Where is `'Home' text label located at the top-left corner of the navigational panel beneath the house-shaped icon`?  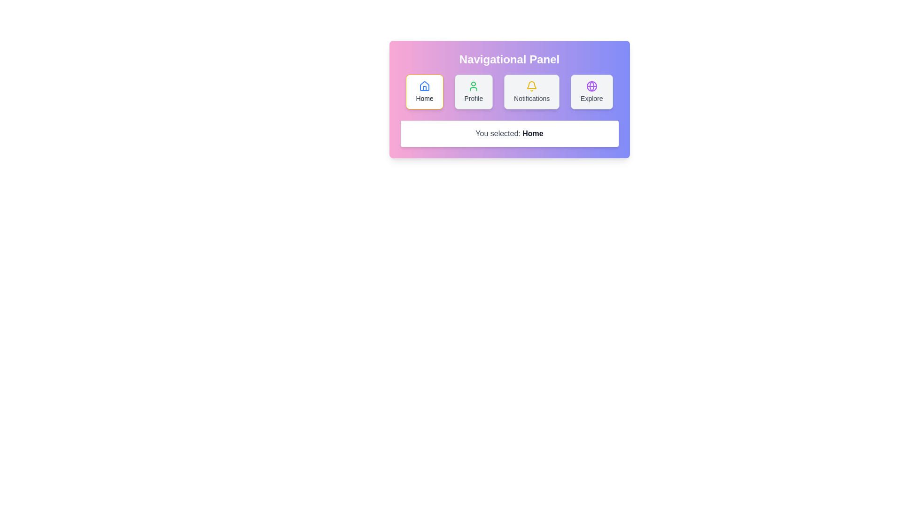
'Home' text label located at the top-left corner of the navigational panel beneath the house-shaped icon is located at coordinates (424, 98).